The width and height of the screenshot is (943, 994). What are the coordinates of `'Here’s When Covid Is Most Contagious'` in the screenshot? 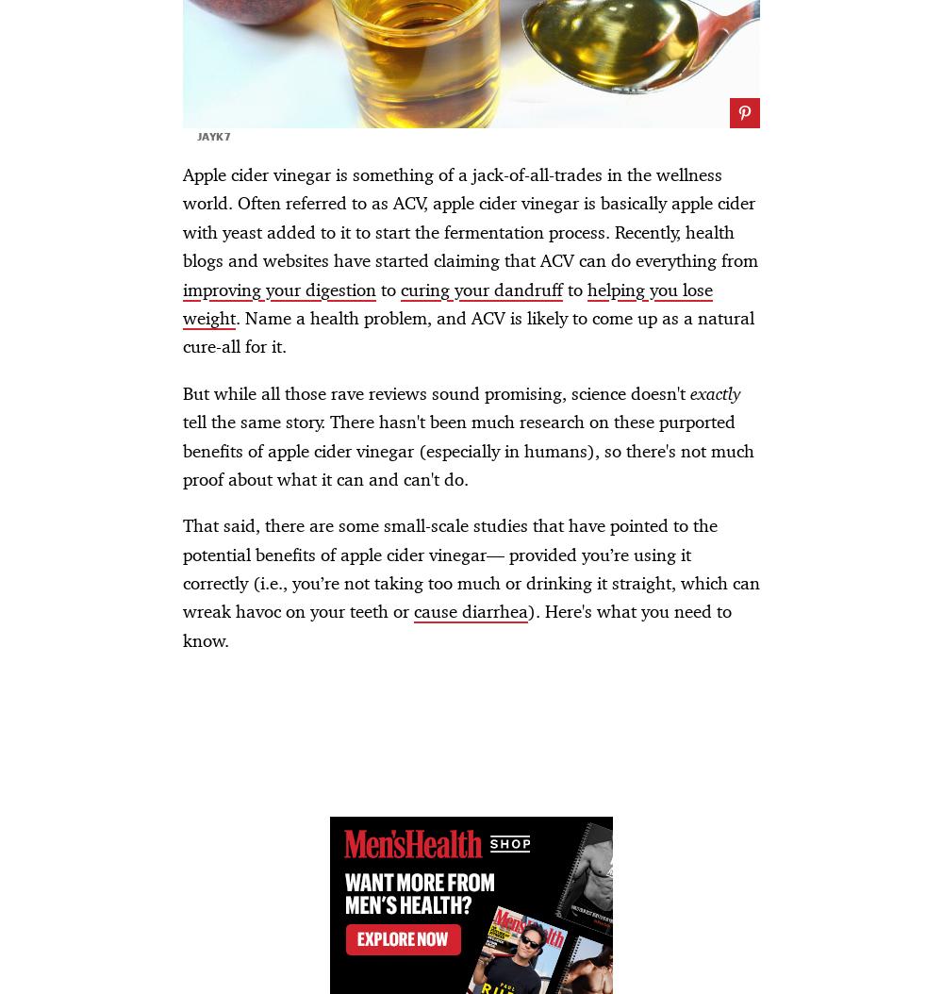 It's located at (136, 395).